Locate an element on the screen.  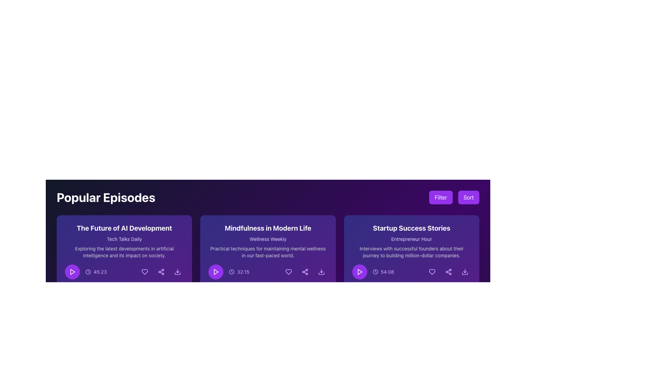
the download icon button, which is a small purple icon with a downward-pointing arrow located in the bottom-right corner of the 'Mindfulness in Modern Life' card is located at coordinates (321, 271).